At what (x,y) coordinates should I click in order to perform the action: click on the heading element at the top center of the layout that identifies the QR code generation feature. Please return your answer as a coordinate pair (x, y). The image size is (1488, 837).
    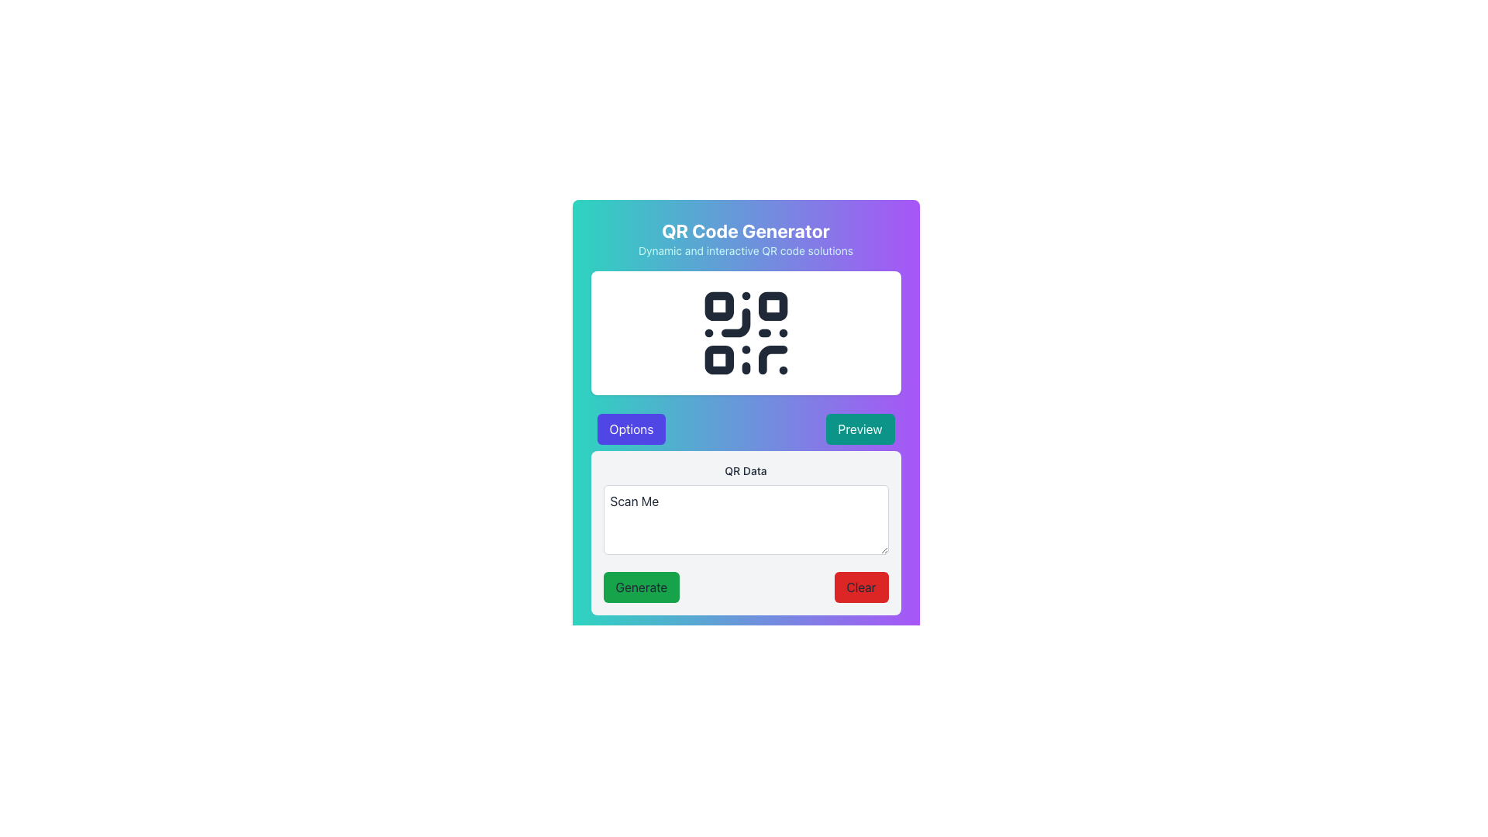
    Looking at the image, I should click on (746, 230).